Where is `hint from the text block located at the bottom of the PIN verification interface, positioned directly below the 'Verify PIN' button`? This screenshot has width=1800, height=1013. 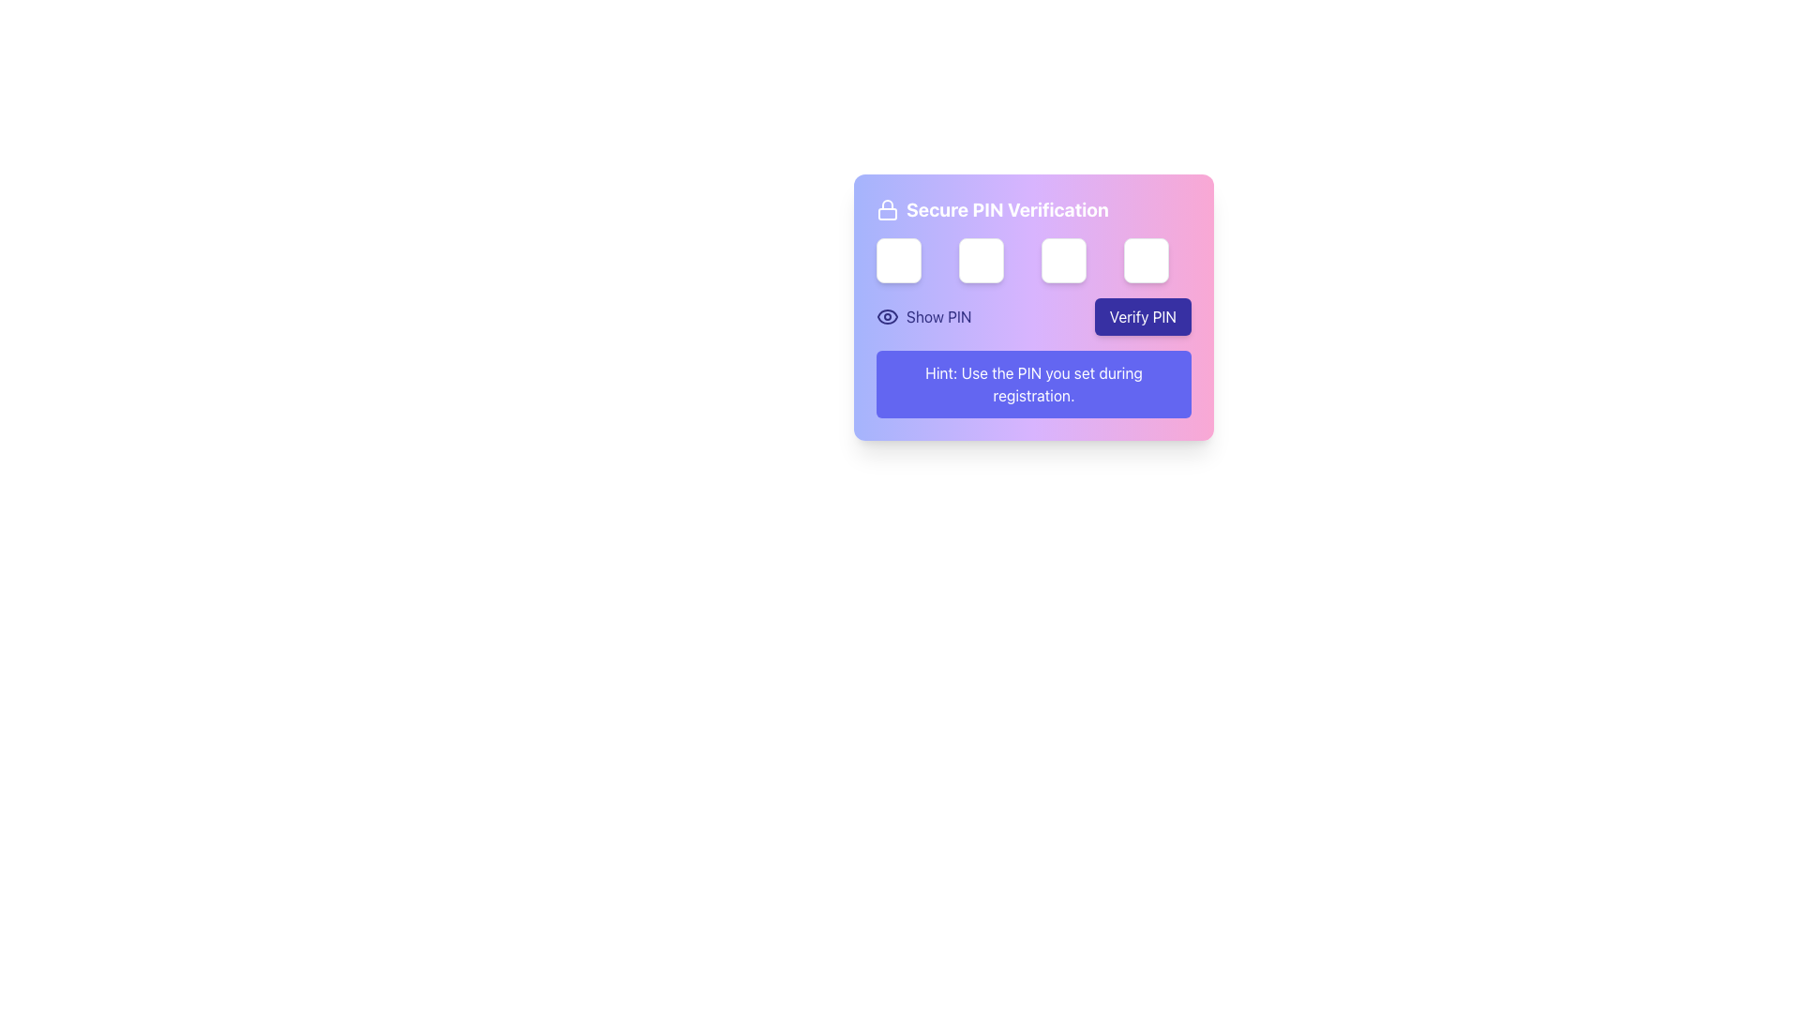 hint from the text block located at the bottom of the PIN verification interface, positioned directly below the 'Verify PIN' button is located at coordinates (1033, 383).